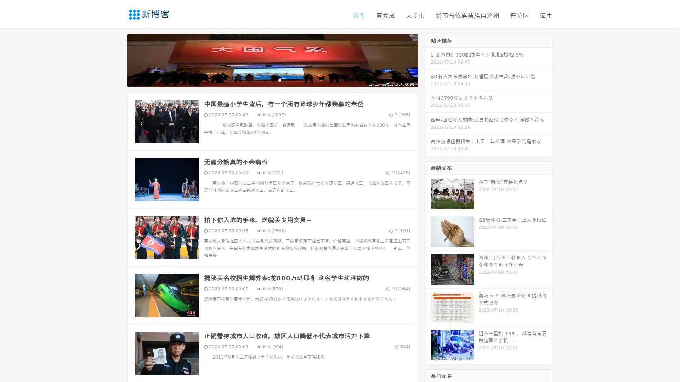 Image resolution: width=680 pixels, height=382 pixels. Describe the element at coordinates (279, 80) in the screenshot. I see `Go to slide 3` at that location.